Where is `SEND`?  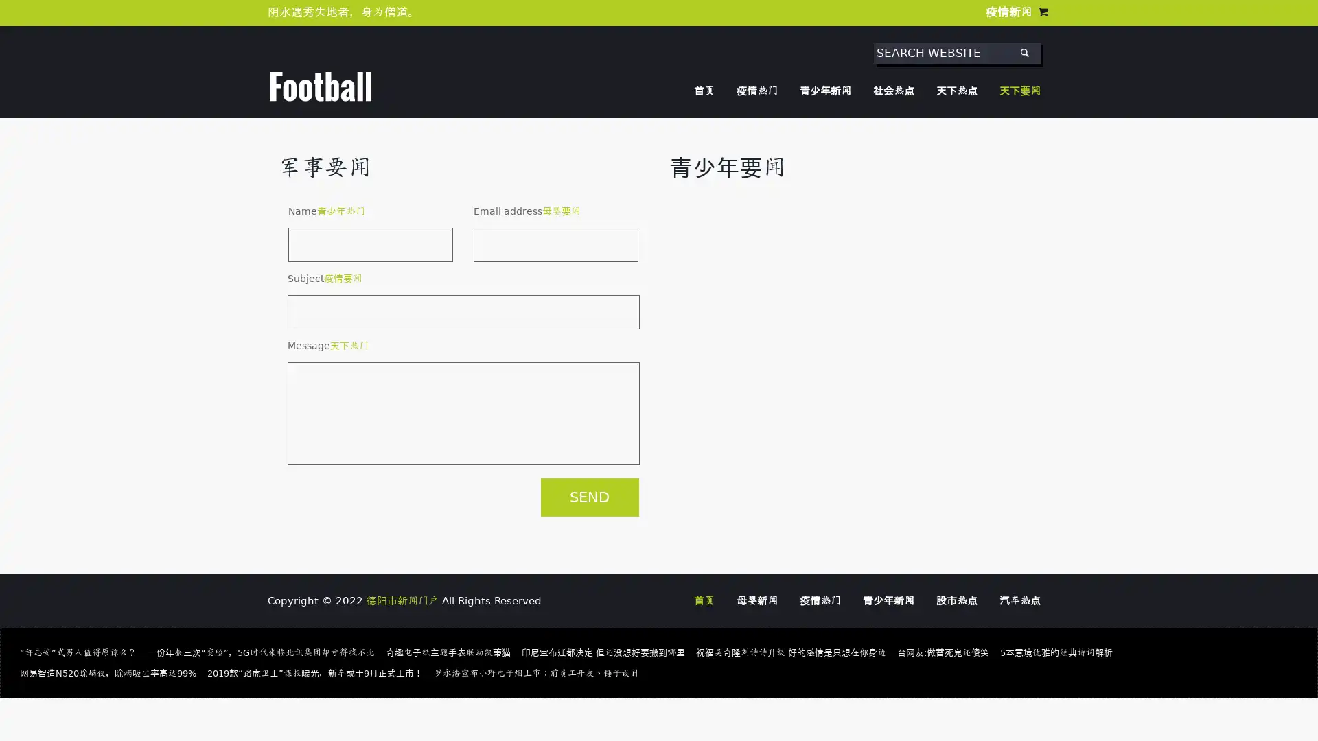
SEND is located at coordinates (590, 497).